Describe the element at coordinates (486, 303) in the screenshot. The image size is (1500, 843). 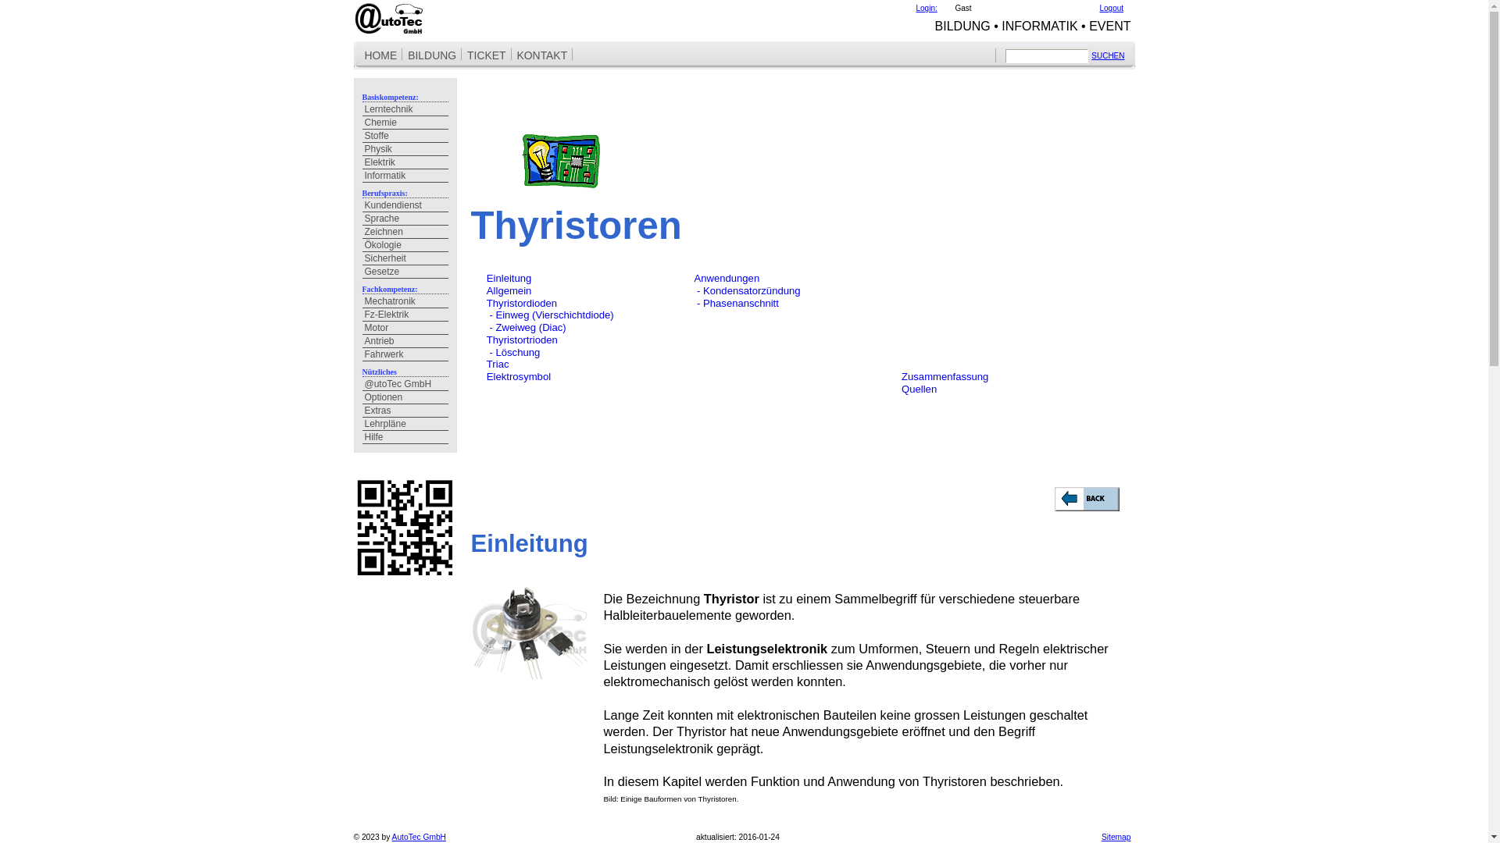
I see `'Thyristordioden'` at that location.